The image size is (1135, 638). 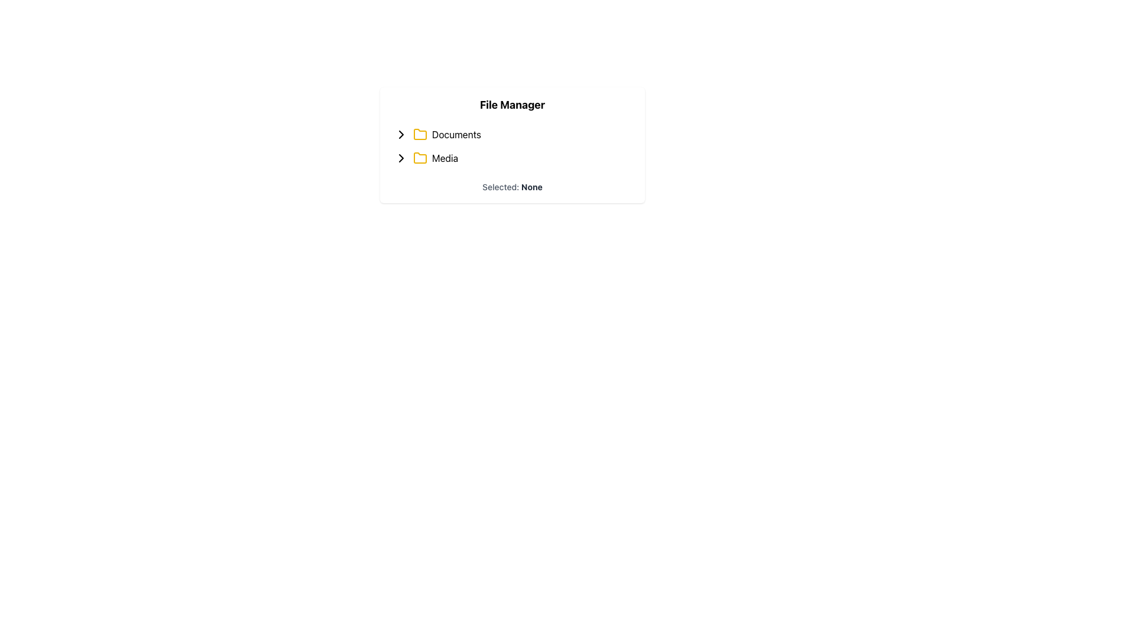 I want to click on the leftmost Chevron (right-pointing) icon in the 'Media' row of the file manager, so click(x=401, y=157).